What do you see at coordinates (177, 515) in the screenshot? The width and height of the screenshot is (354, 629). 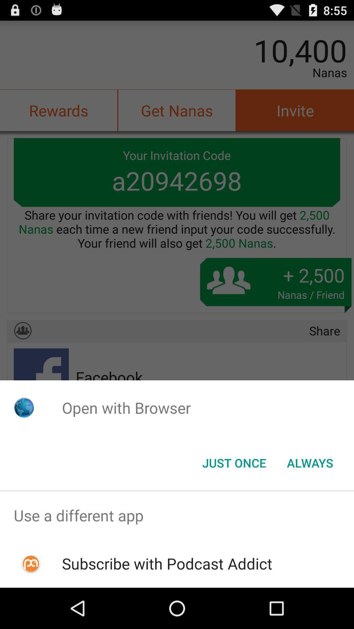 I see `use a different icon` at bounding box center [177, 515].